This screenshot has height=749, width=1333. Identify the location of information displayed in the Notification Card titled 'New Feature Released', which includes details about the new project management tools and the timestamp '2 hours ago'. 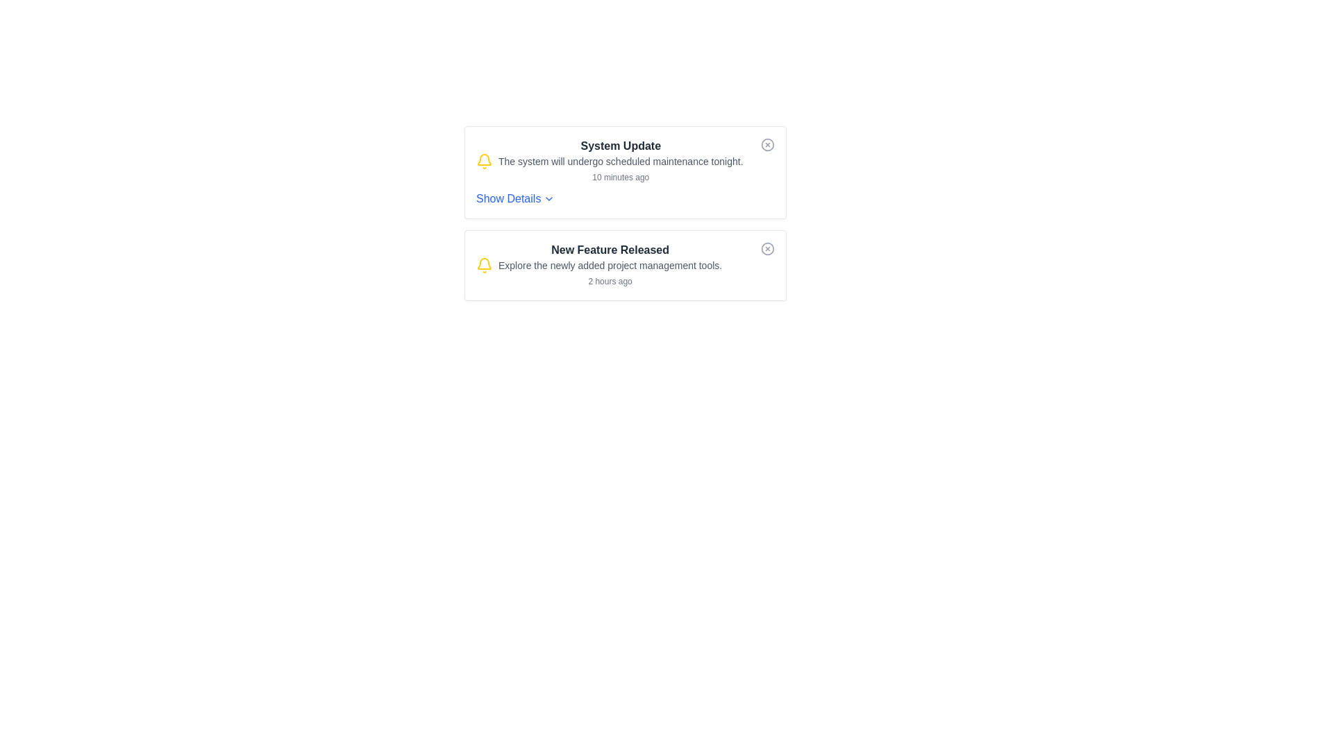
(625, 265).